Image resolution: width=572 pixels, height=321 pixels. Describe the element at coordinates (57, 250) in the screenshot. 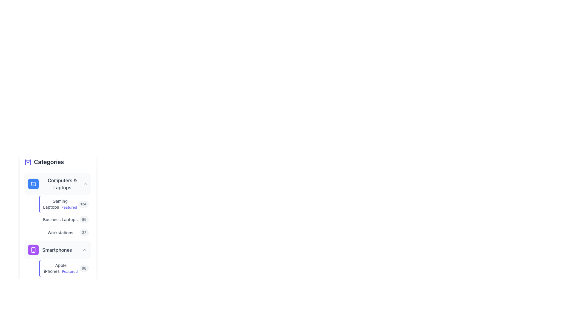

I see `the chevron-down icon of the 'Smartphones' category in the collapsible navigation menu` at that location.